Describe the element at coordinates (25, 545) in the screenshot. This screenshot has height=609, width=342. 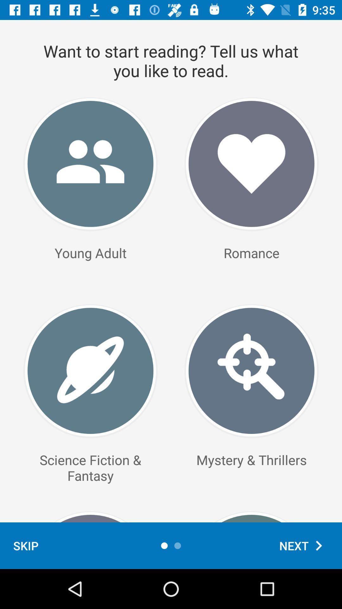
I see `skip item` at that location.